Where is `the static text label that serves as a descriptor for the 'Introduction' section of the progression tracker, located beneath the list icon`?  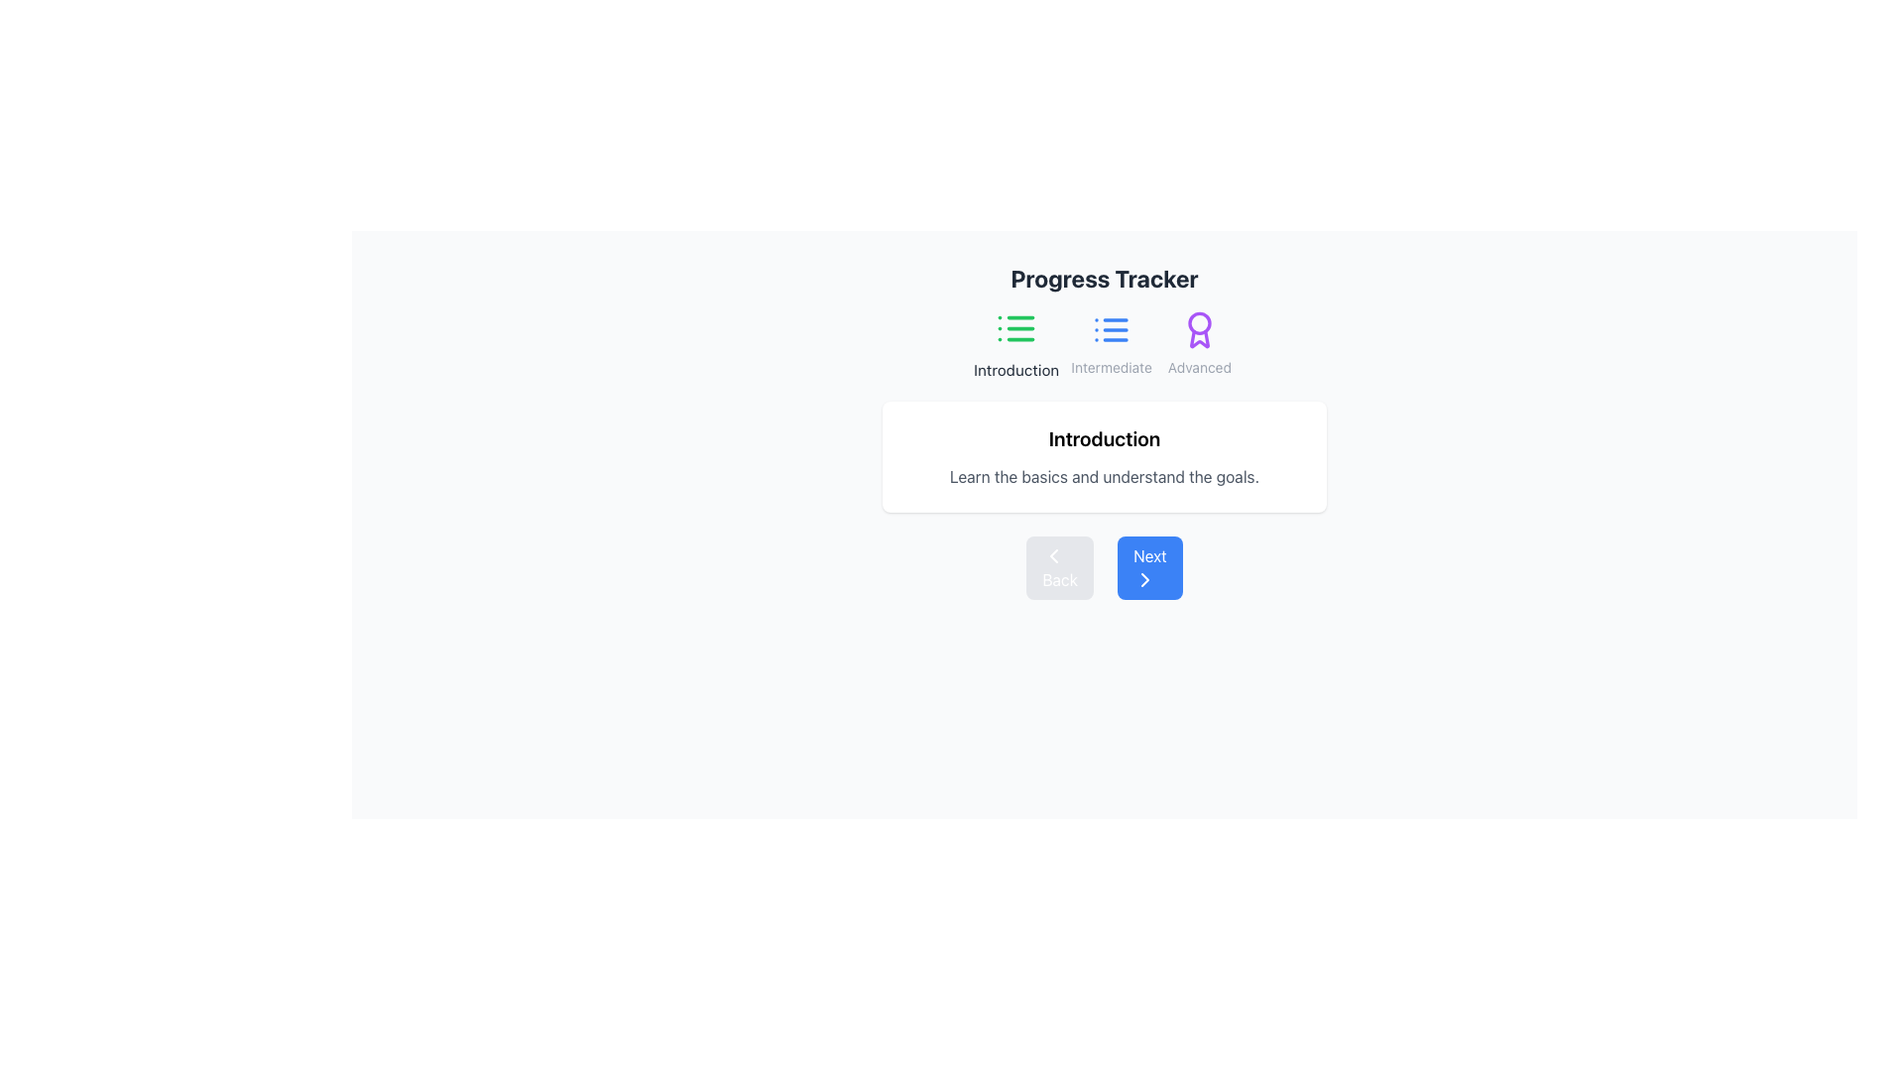 the static text label that serves as a descriptor for the 'Introduction' section of the progression tracker, located beneath the list icon is located at coordinates (1016, 370).